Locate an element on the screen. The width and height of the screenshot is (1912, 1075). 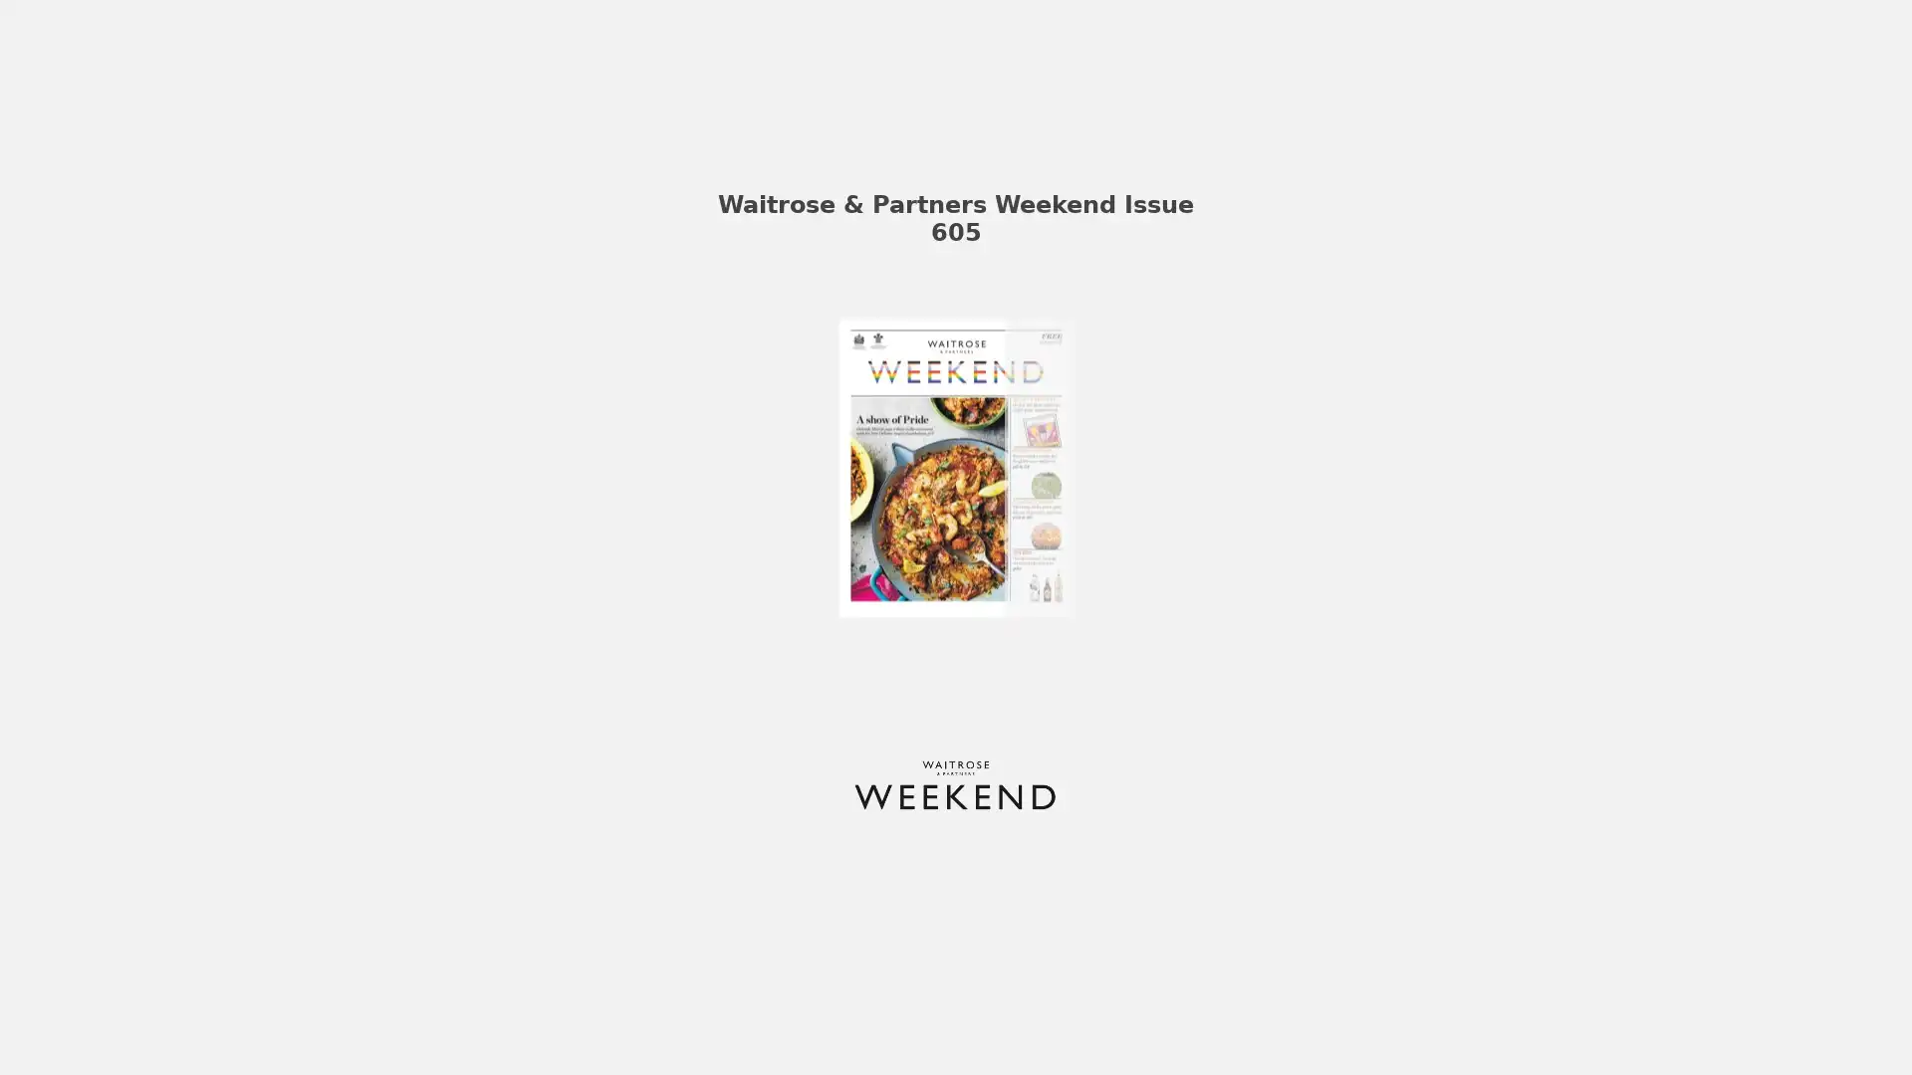
Last Page is located at coordinates (1334, 994).